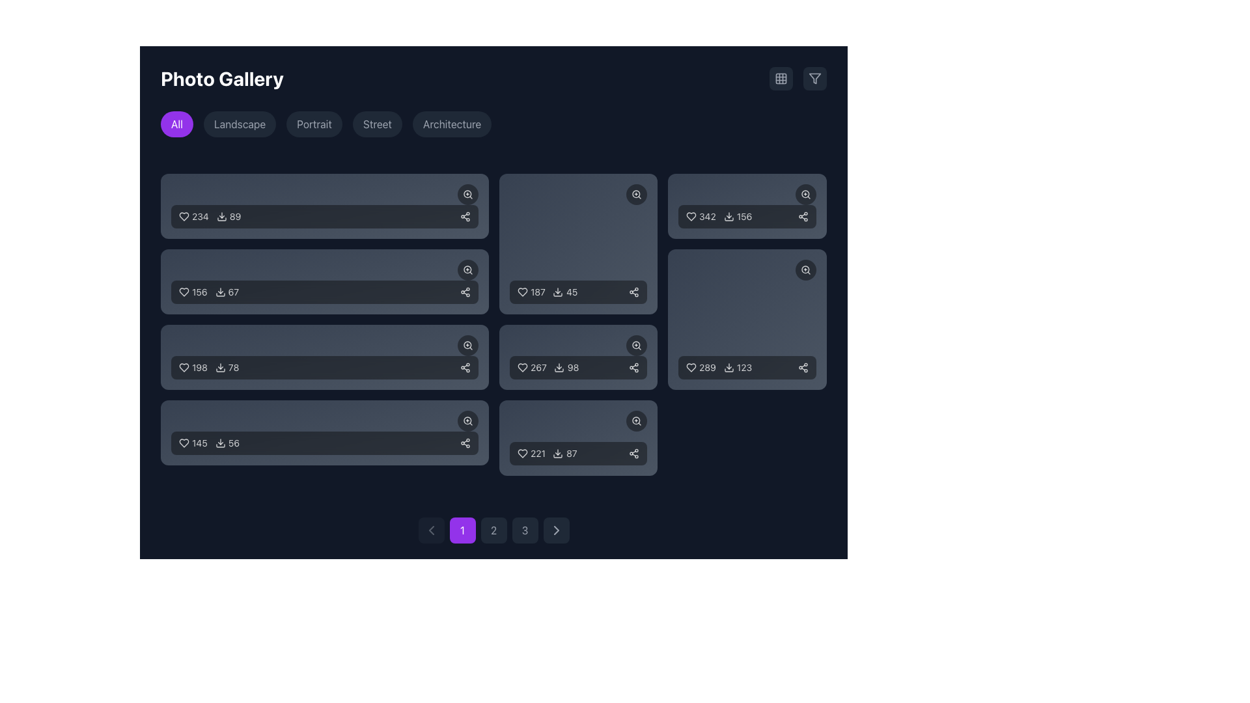  I want to click on the heart icon located to the left of the text label representing the count of likes in the second row of the main content area to like or unlike the content item, so click(192, 291).